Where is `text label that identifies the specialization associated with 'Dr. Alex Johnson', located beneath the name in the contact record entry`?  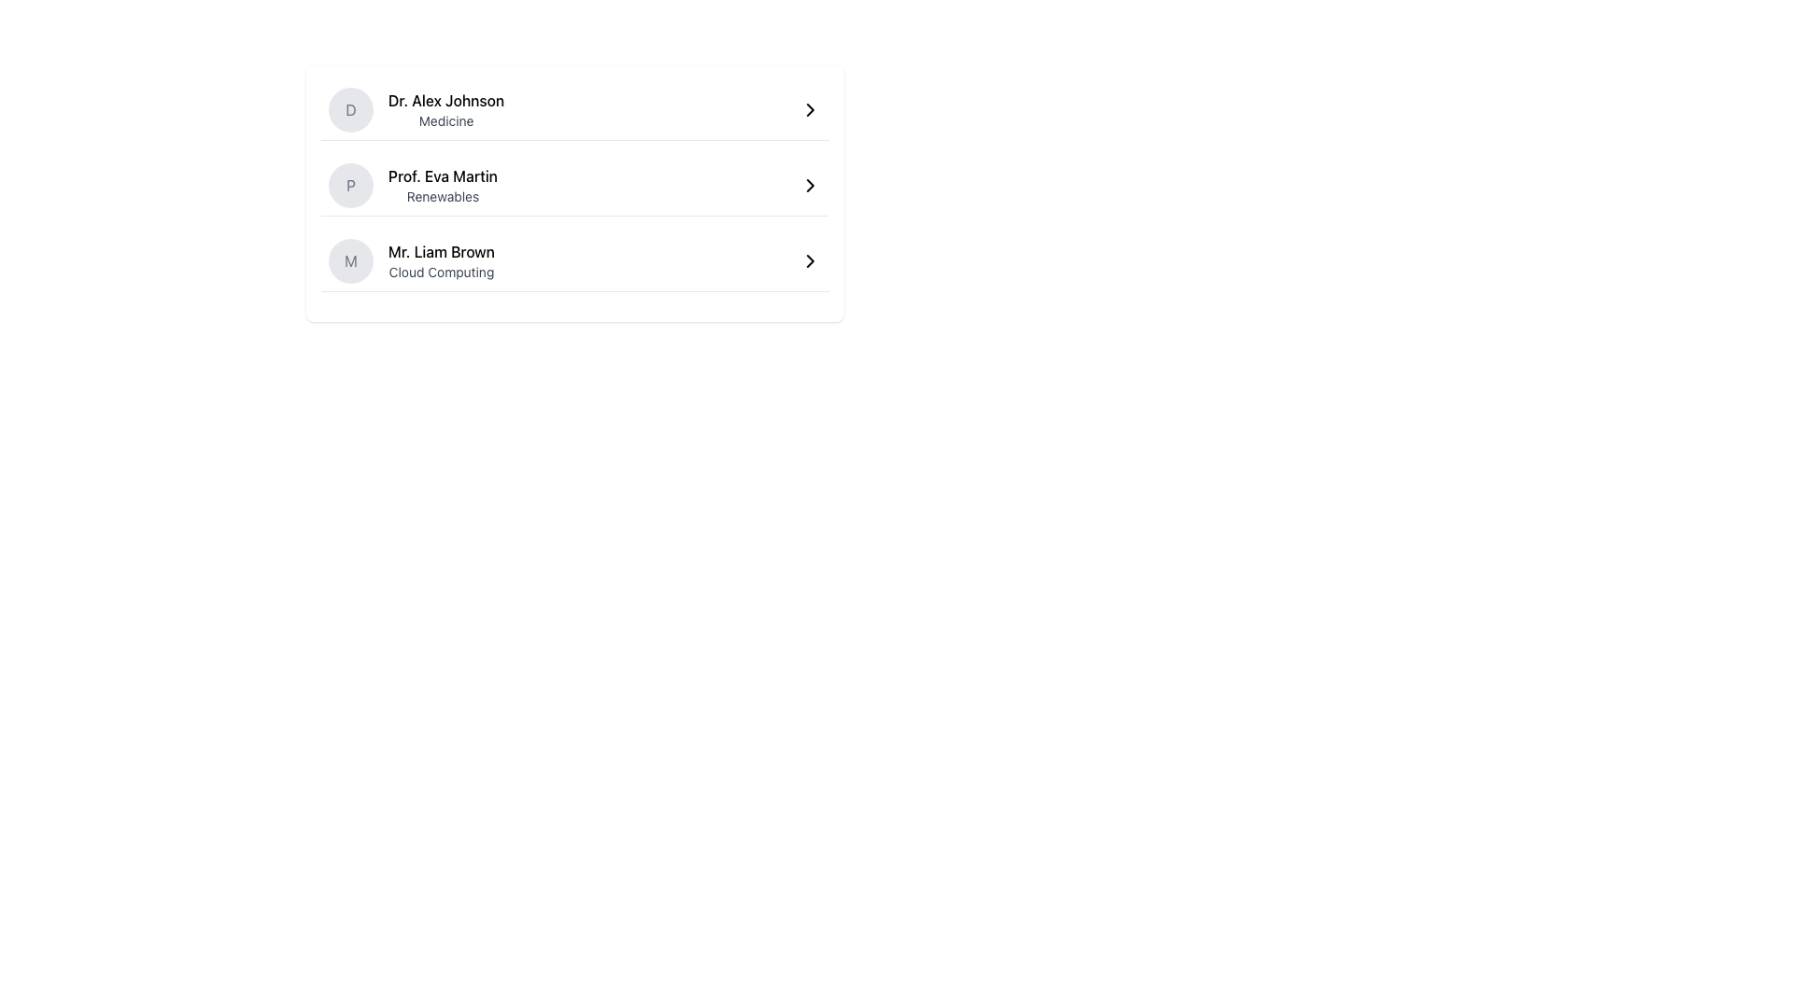 text label that identifies the specialization associated with 'Dr. Alex Johnson', located beneath the name in the contact record entry is located at coordinates (445, 121).